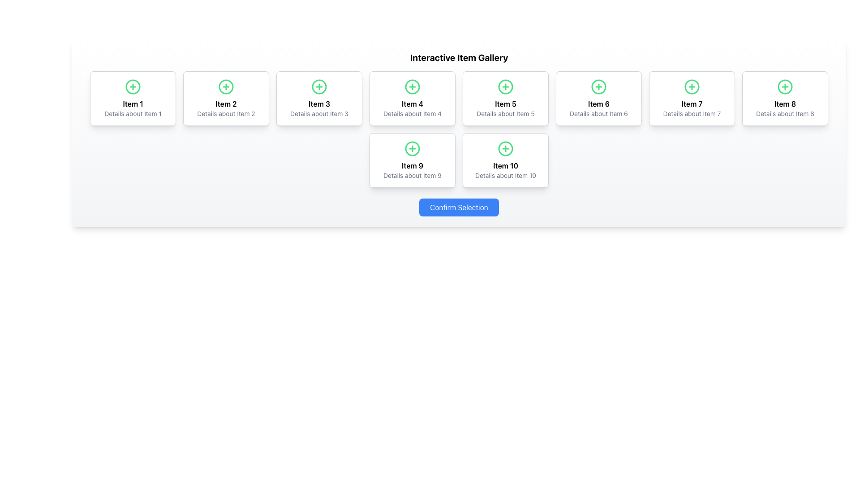  Describe the element at coordinates (412, 98) in the screenshot. I see `the information display card for 'Item 4', which is the fourth element in a horizontally aligned grid of ten elements, located at the center of the top row` at that location.